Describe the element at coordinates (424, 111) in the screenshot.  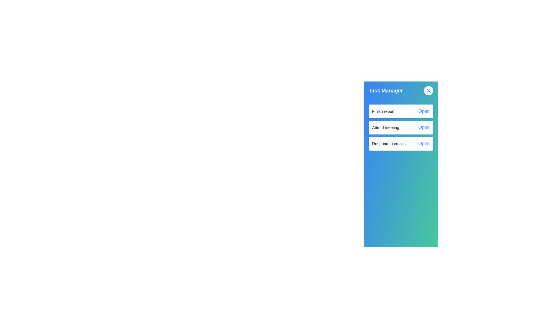
I see `the 'Open' hyperlink located on the right side of the 'Finish report' task in the task manager interface to initiate the action` at that location.